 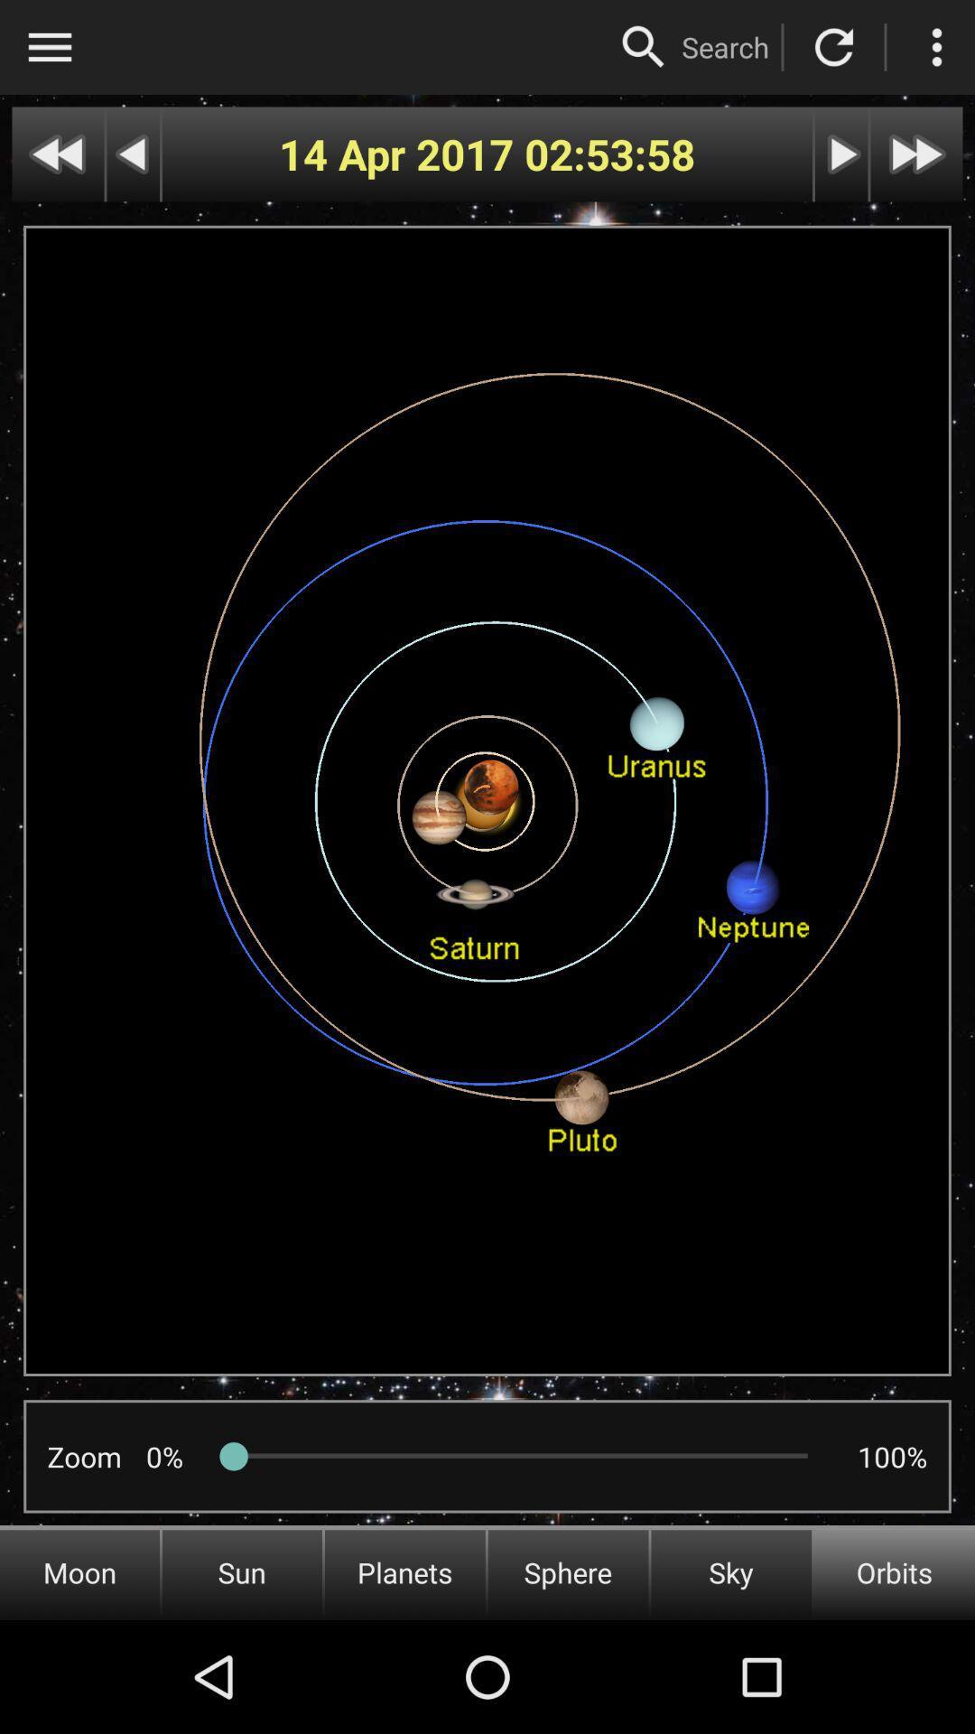 I want to click on settings button, so click(x=935, y=47).